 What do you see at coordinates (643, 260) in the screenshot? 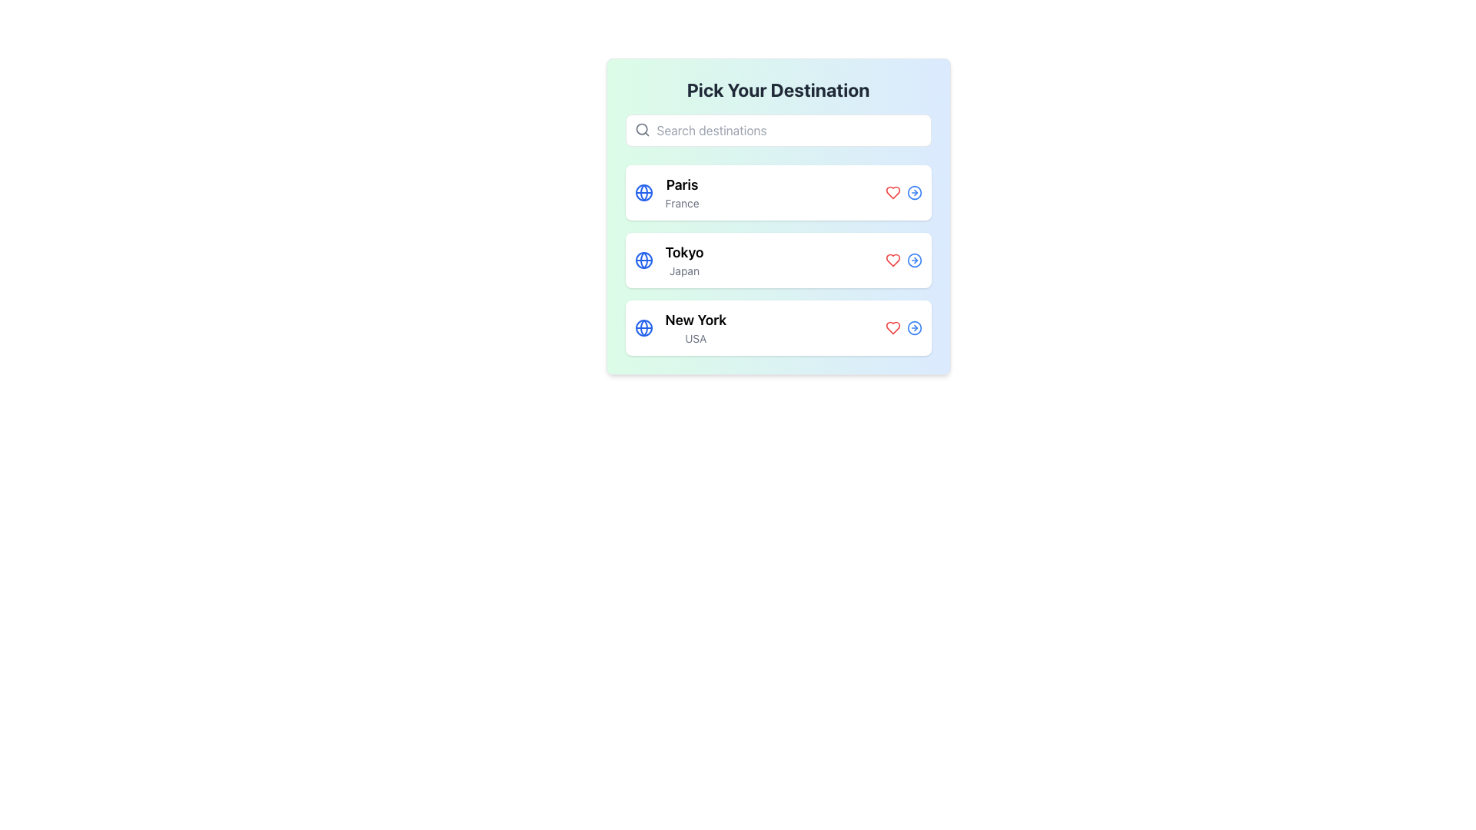
I see `the globe icon representing 'Tokyo, Japan' in the 'Pick Your Destination' list` at bounding box center [643, 260].